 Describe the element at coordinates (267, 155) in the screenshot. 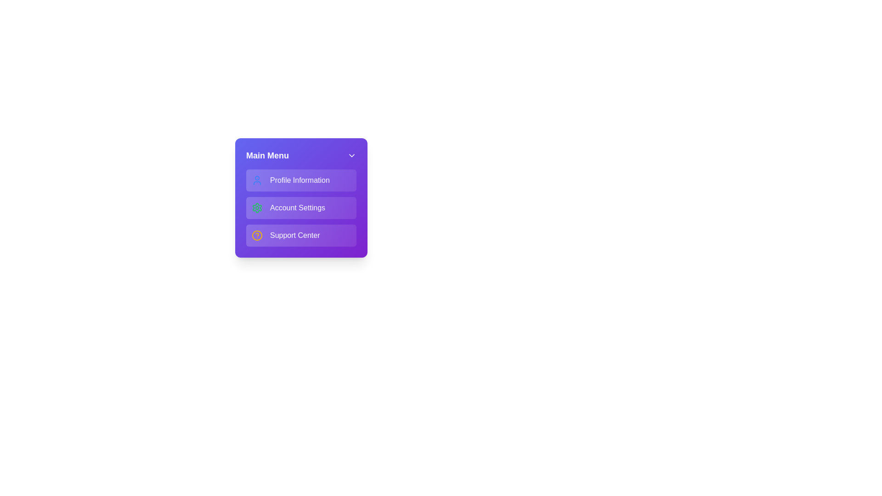

I see `the header text 'Main Menu' to toggle the visibility of the menu` at that location.